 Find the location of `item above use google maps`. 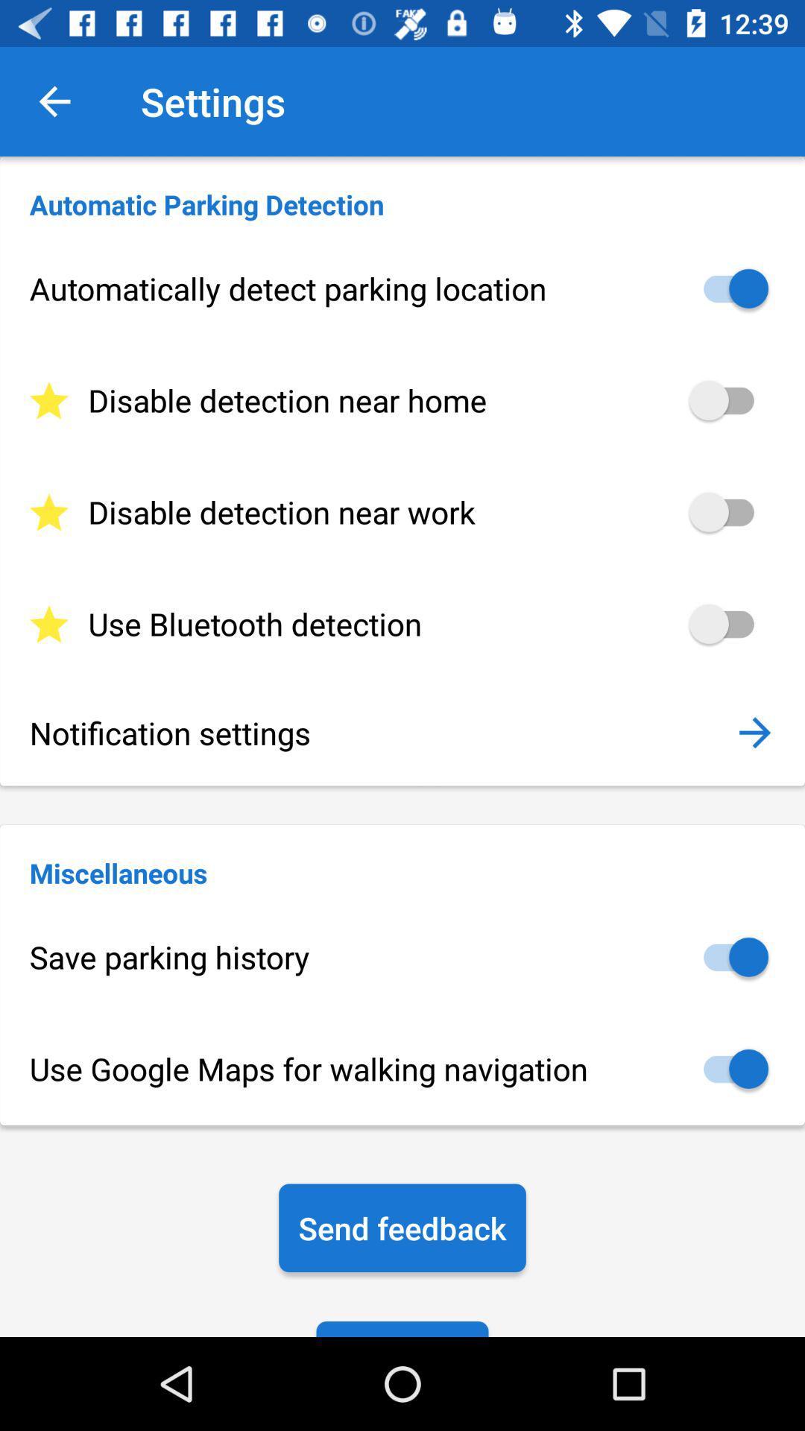

item above use google maps is located at coordinates (402, 957).